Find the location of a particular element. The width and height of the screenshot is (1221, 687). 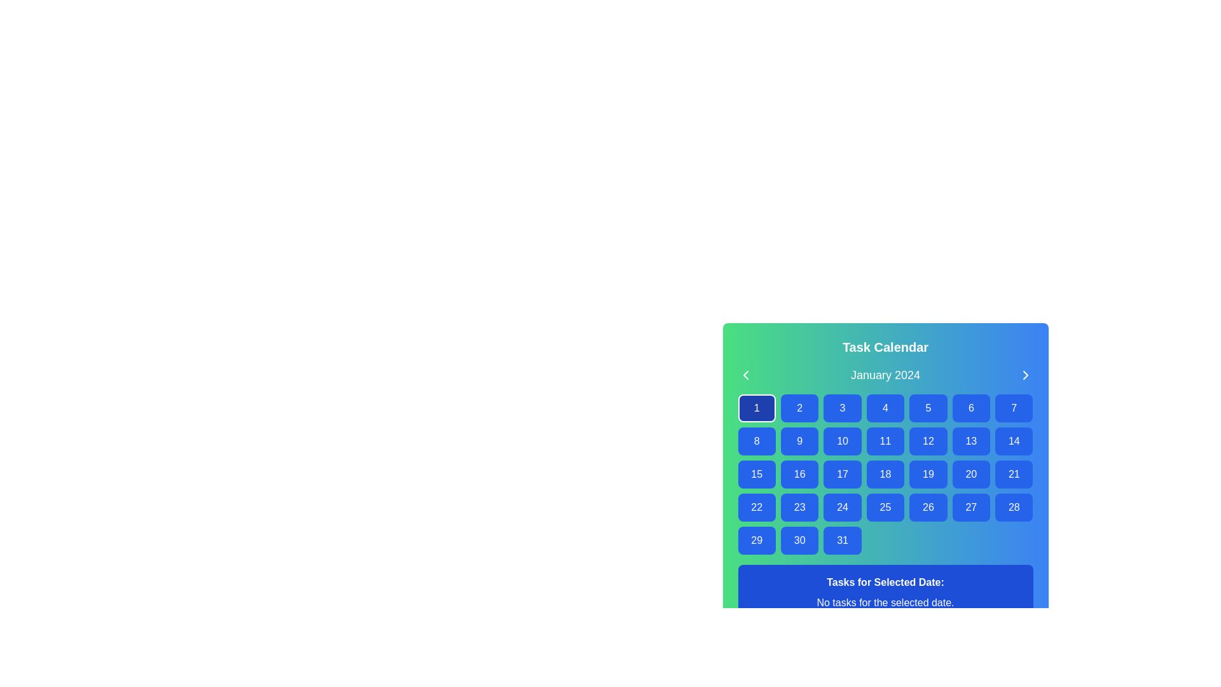

the blue button with the number '28' is located at coordinates (1013, 507).